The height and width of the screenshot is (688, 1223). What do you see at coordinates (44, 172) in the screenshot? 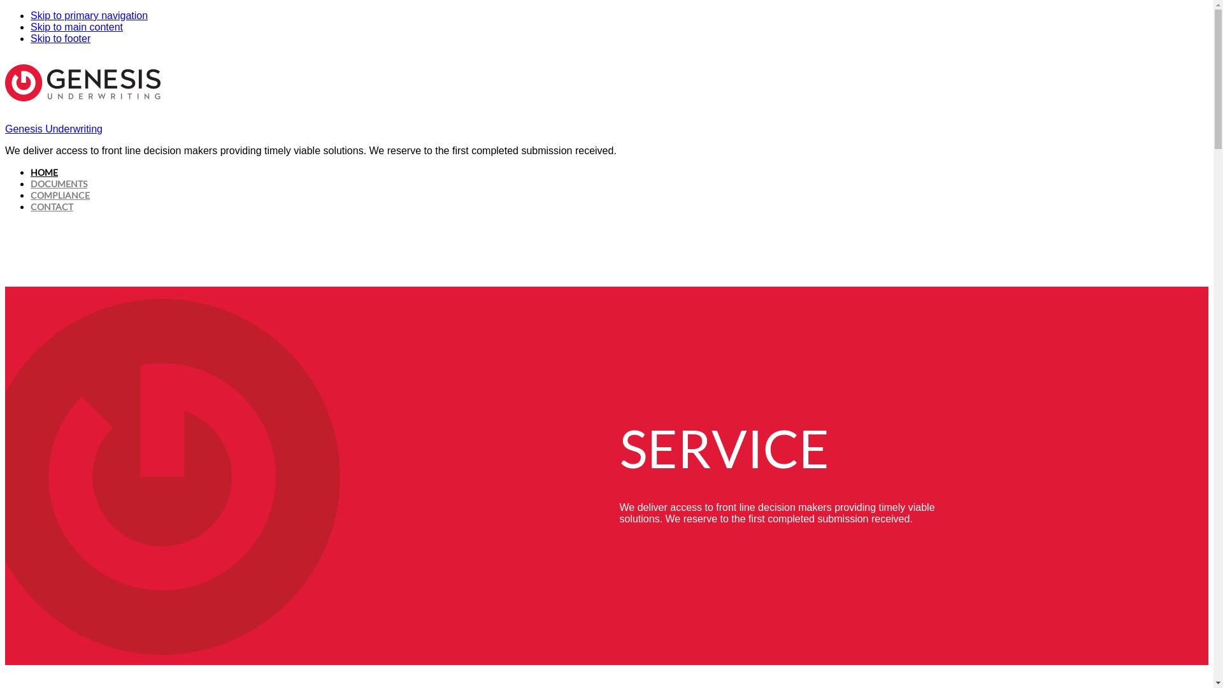
I see `'HOME'` at bounding box center [44, 172].